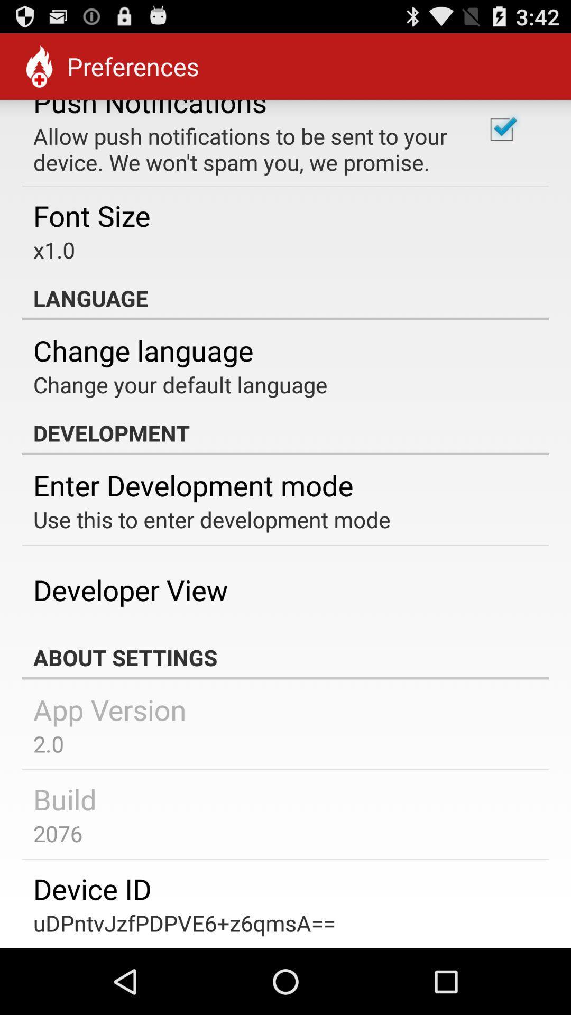 This screenshot has width=571, height=1015. I want to click on about settings, so click(285, 657).